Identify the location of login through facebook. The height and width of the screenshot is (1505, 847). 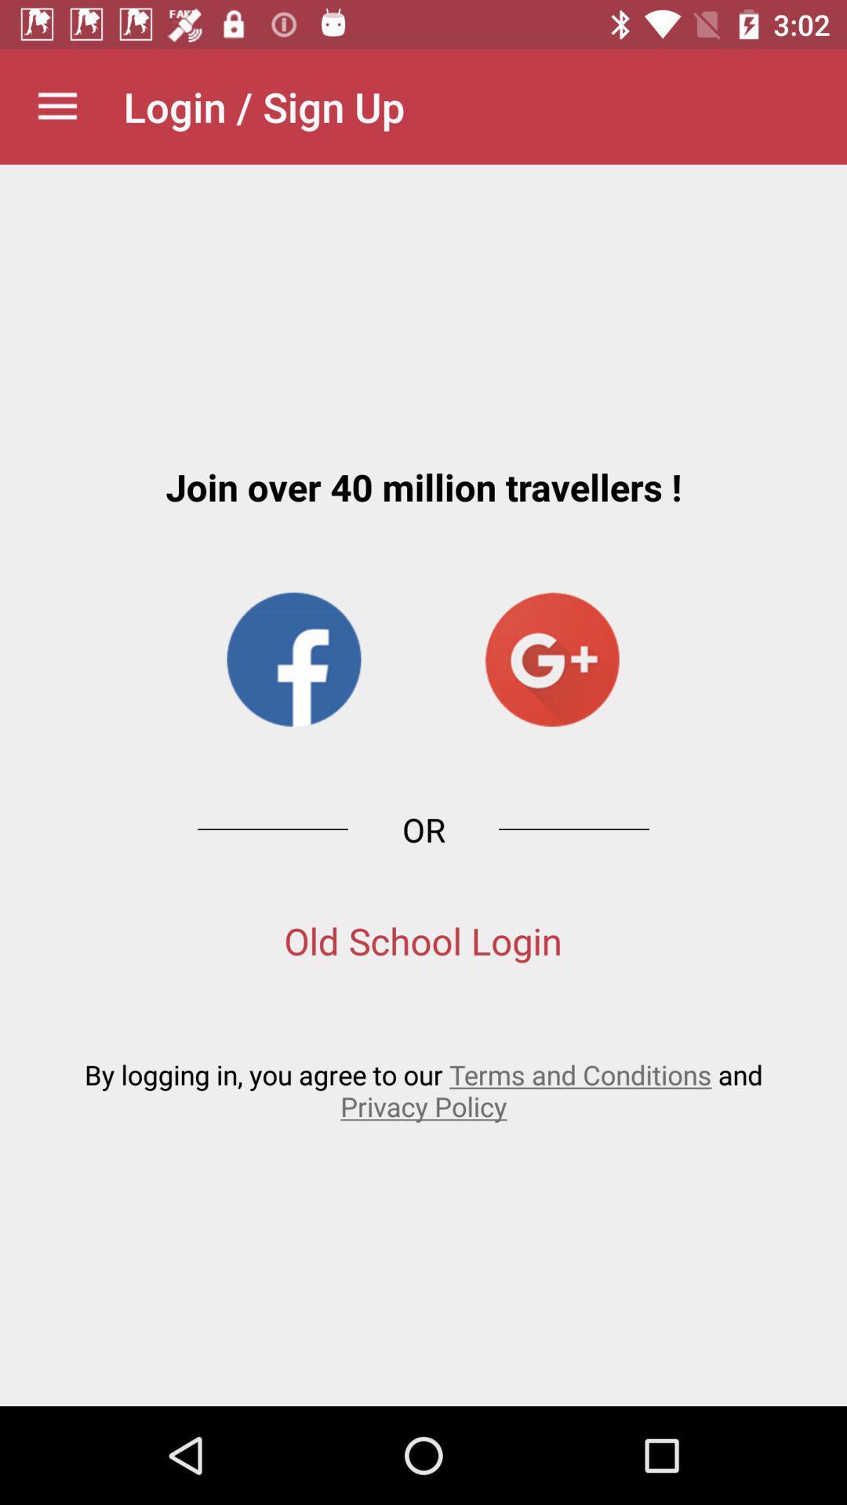
(293, 659).